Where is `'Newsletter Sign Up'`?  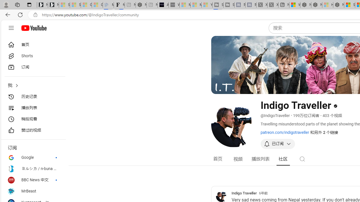
'Newsletter Sign Up' is located at coordinates (53, 5).